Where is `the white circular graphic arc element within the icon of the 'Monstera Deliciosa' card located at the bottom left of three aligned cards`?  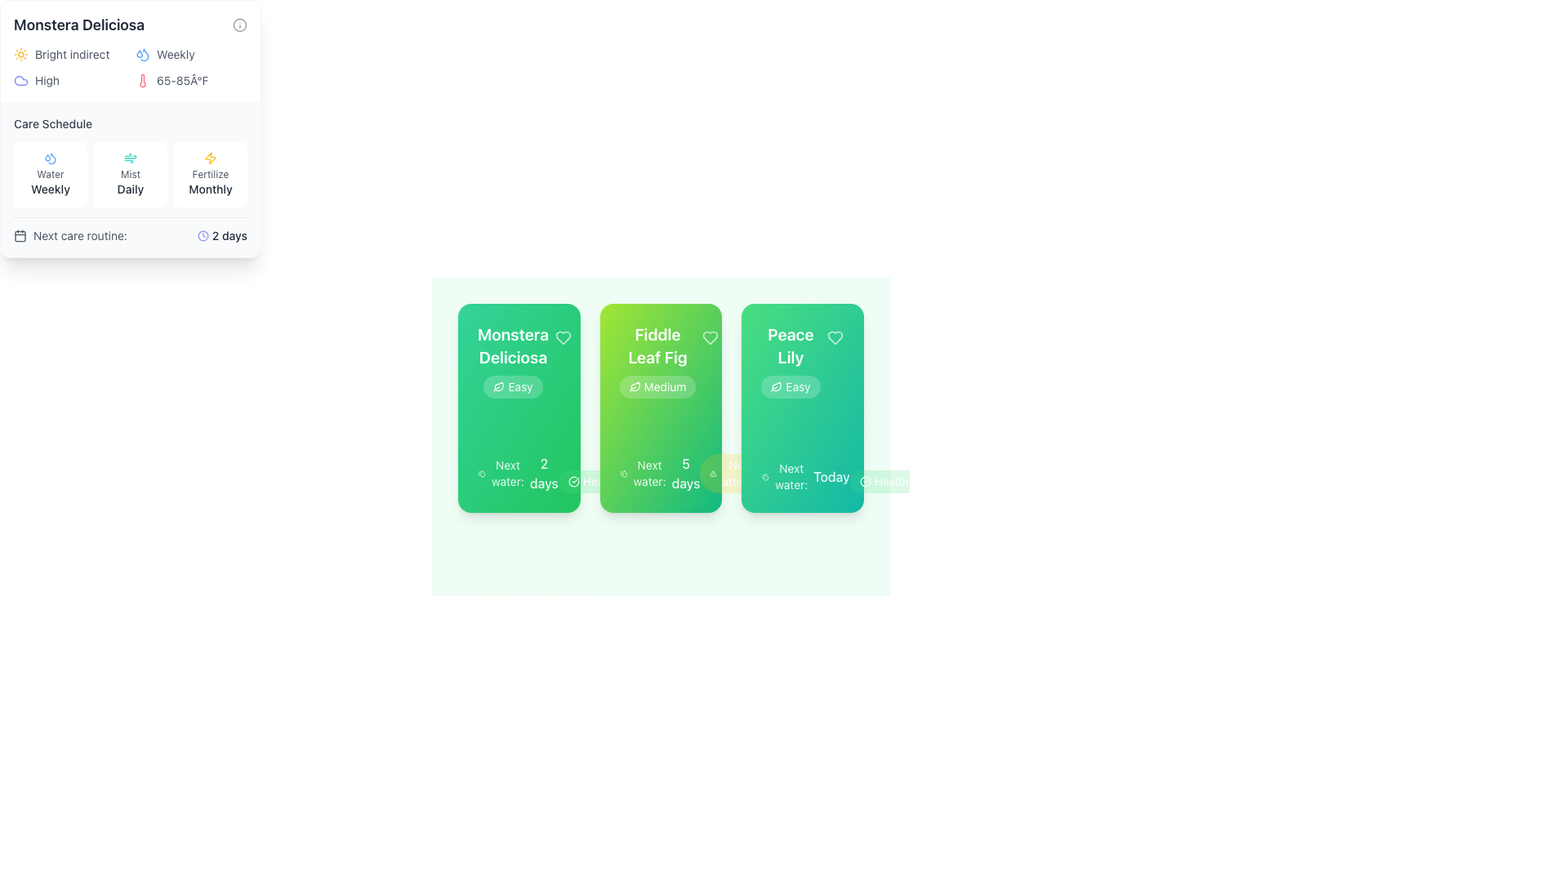 the white circular graphic arc element within the icon of the 'Monstera Deliciosa' card located at the bottom left of three aligned cards is located at coordinates (573, 481).